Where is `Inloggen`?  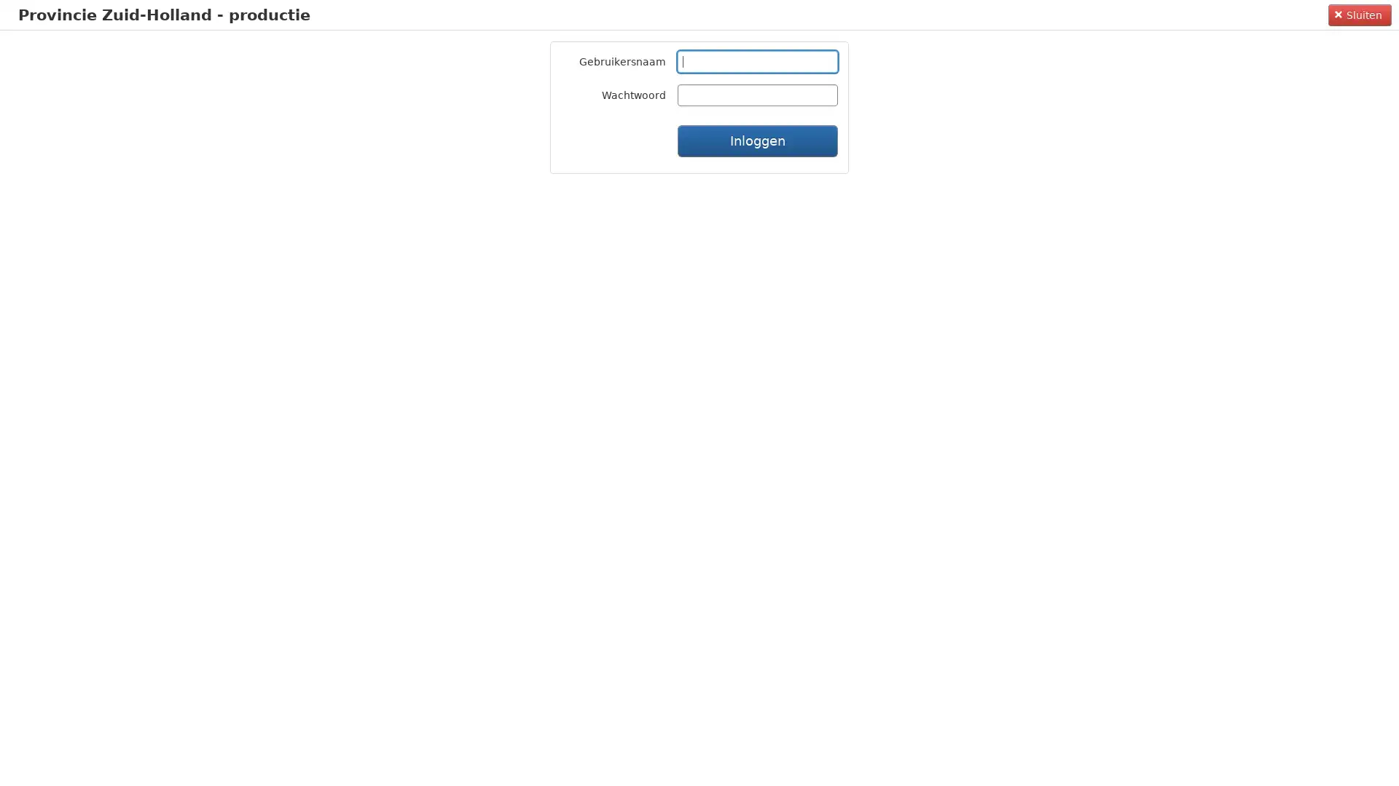 Inloggen is located at coordinates (758, 140).